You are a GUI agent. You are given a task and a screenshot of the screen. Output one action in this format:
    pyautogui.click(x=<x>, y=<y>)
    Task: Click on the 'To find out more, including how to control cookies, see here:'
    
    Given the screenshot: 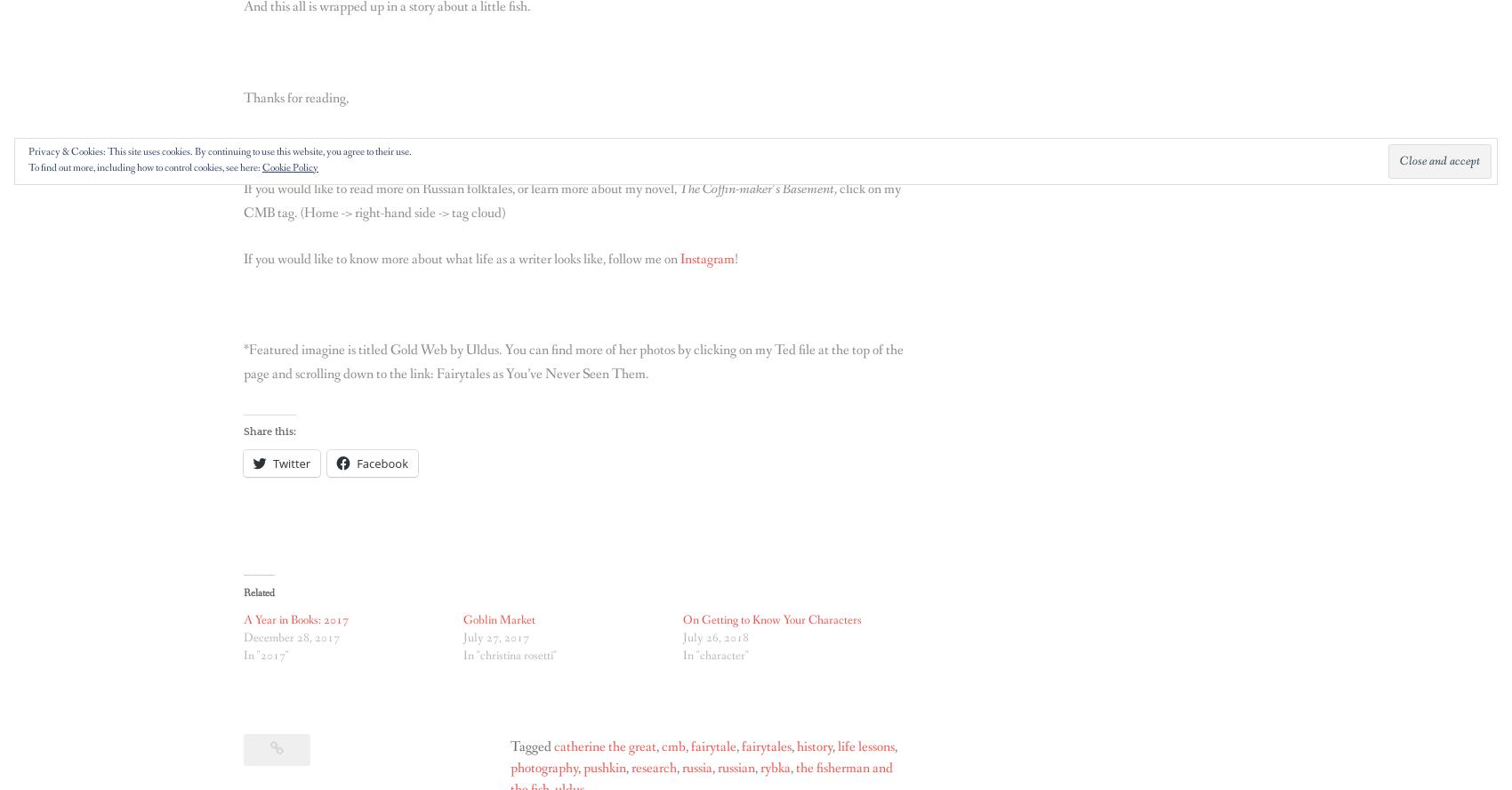 What is the action you would take?
    pyautogui.click(x=28, y=166)
    